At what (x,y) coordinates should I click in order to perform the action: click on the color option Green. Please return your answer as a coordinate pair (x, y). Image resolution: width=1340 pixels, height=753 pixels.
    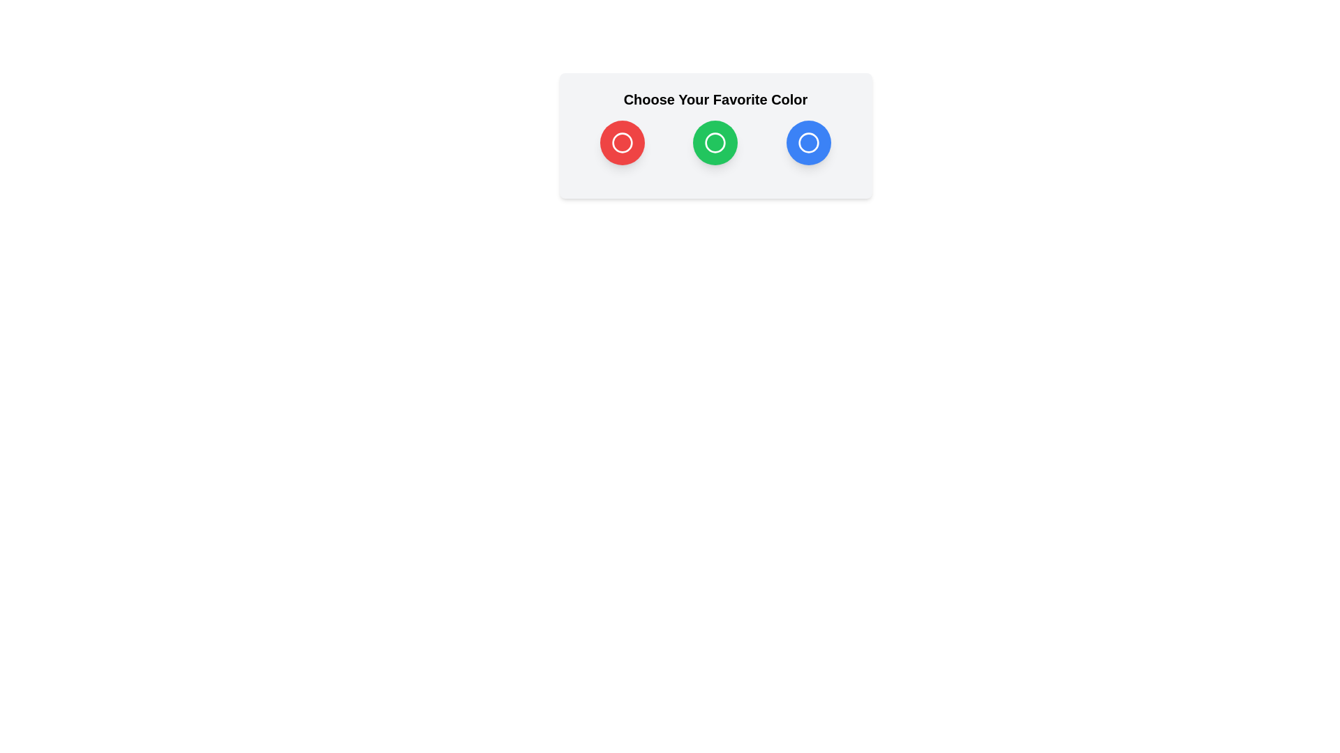
    Looking at the image, I should click on (715, 142).